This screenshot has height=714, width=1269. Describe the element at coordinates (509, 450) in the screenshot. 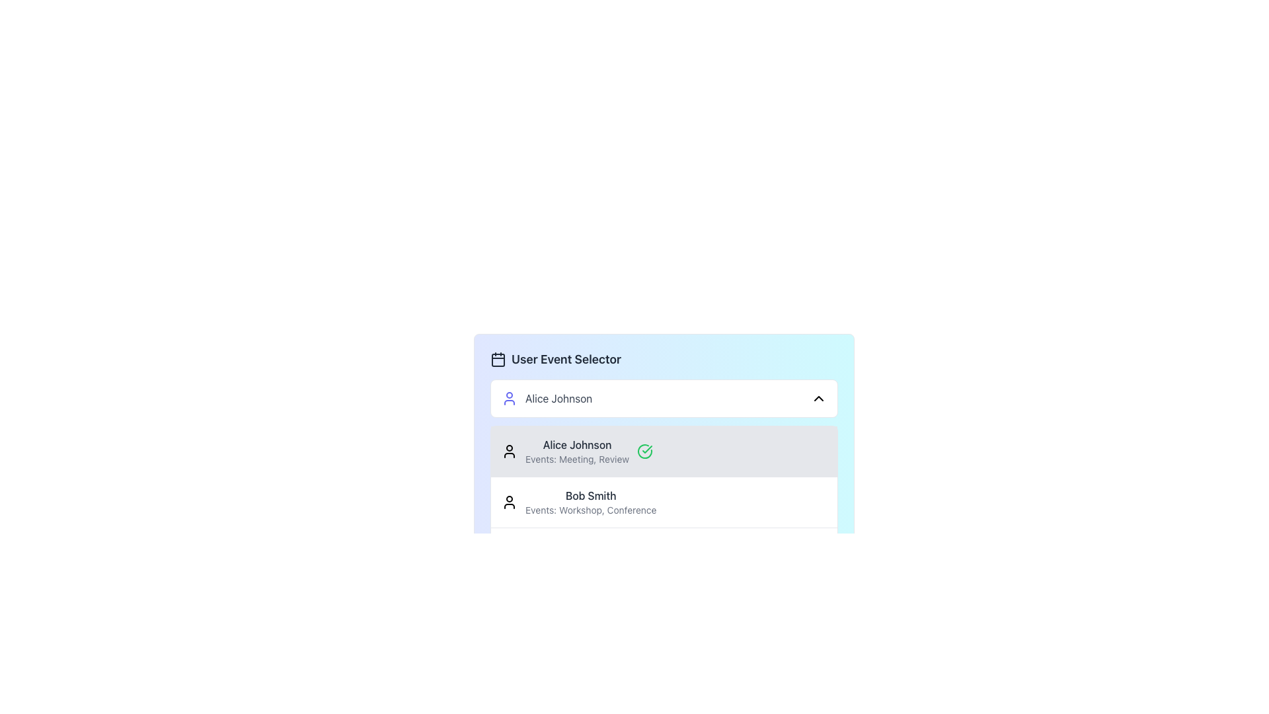

I see `the green circular checkmark icon located to the right of the second row in the user event list interface, which represents the user 'Alice Johnson'` at that location.